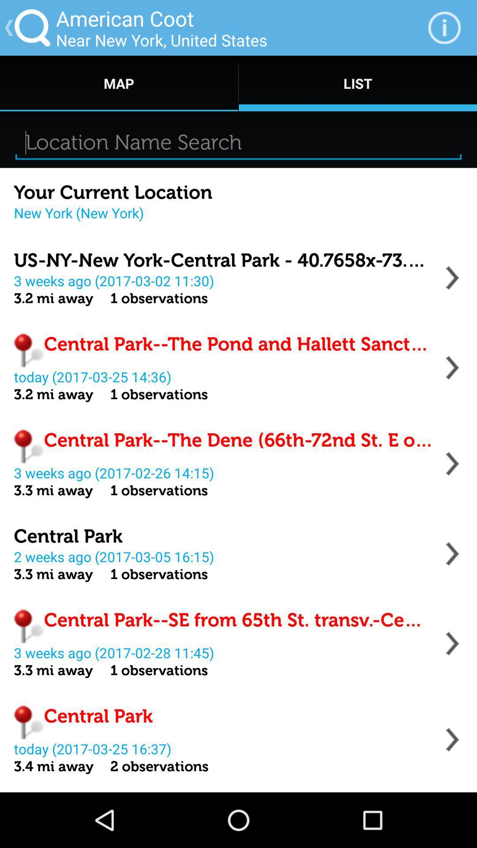 The image size is (477, 848). What do you see at coordinates (223, 260) in the screenshot?
I see `us ny new icon` at bounding box center [223, 260].